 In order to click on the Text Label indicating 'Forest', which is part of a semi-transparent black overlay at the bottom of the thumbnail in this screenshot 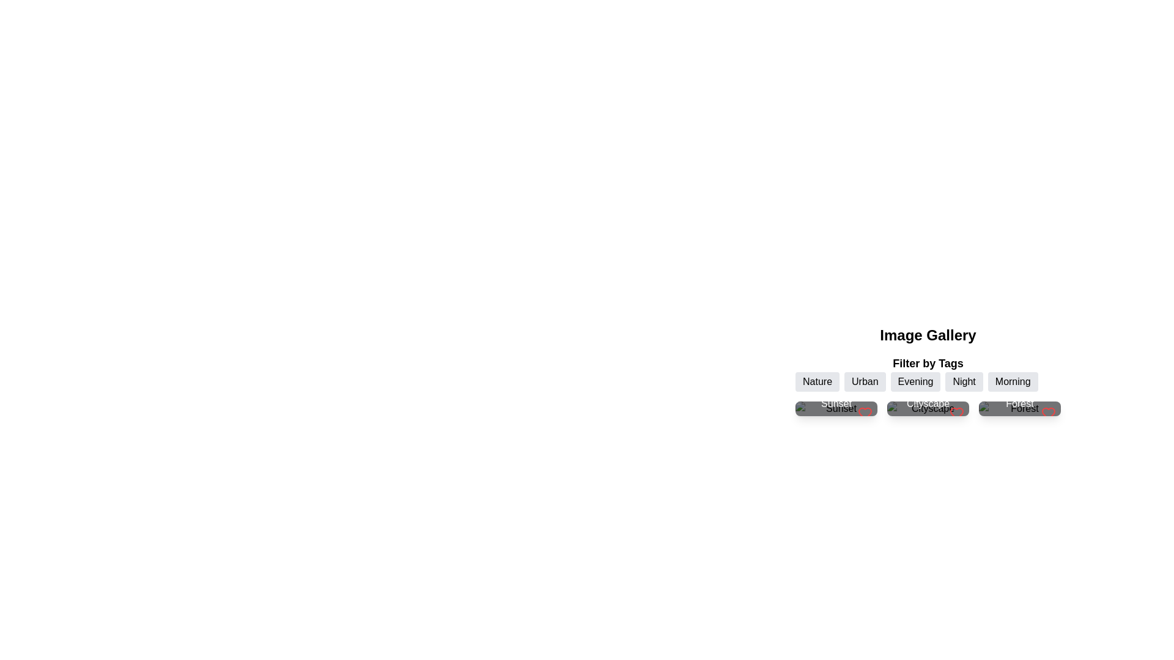, I will do `click(1020, 403)`.